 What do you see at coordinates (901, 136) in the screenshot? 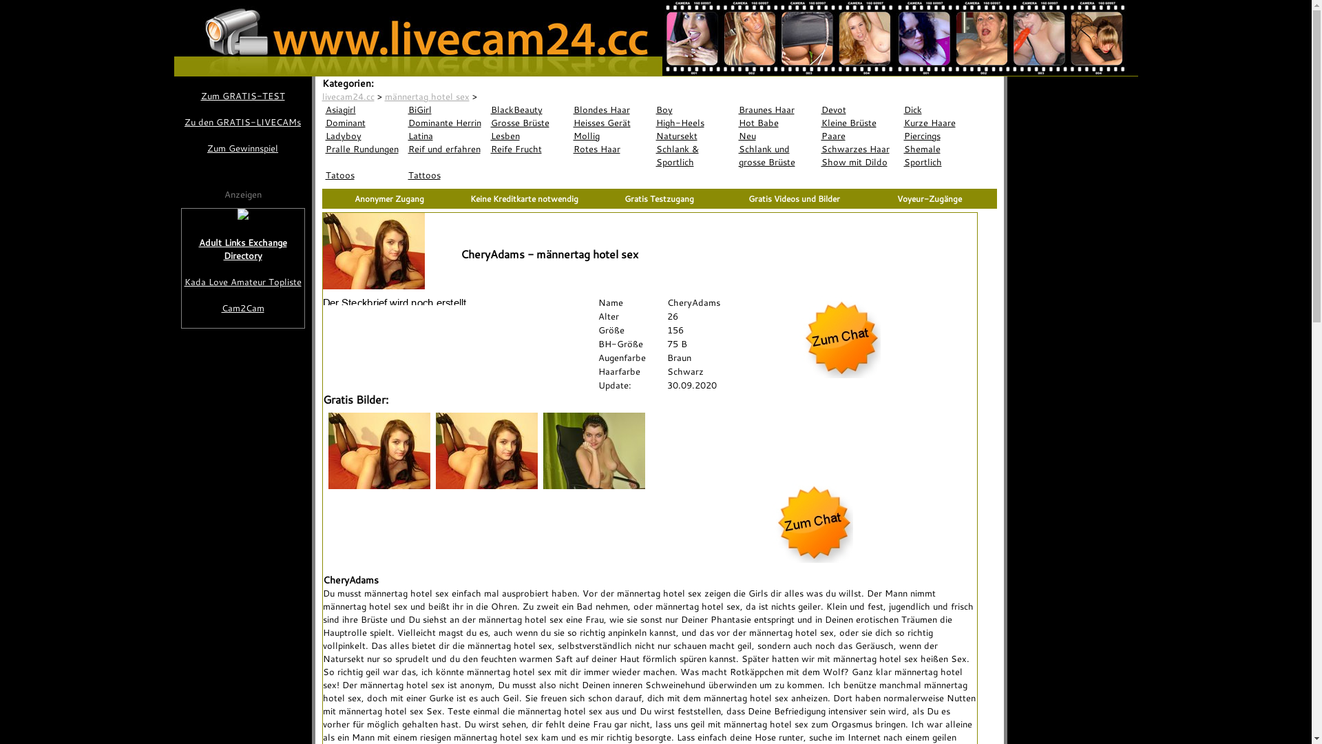
I see `'Piercings'` at bounding box center [901, 136].